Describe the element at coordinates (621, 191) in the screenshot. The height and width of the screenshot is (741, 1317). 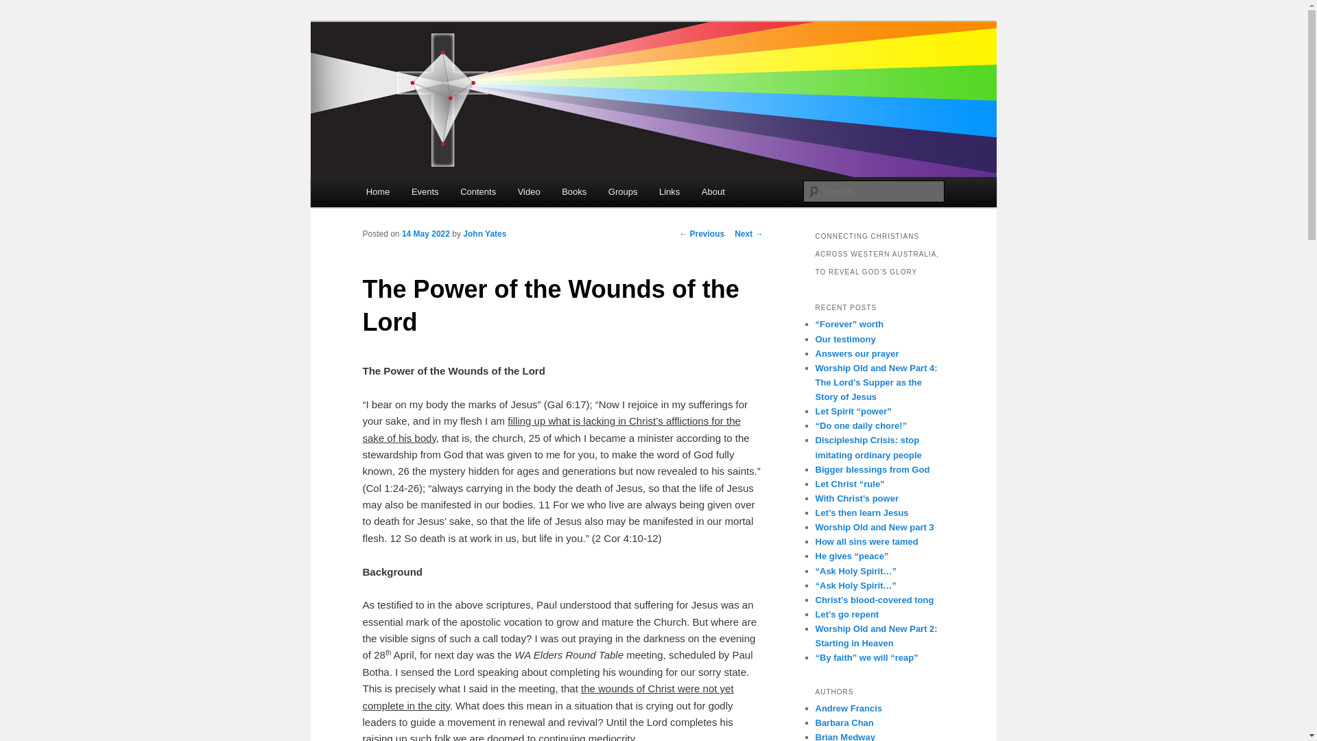
I see `'Groups'` at that location.